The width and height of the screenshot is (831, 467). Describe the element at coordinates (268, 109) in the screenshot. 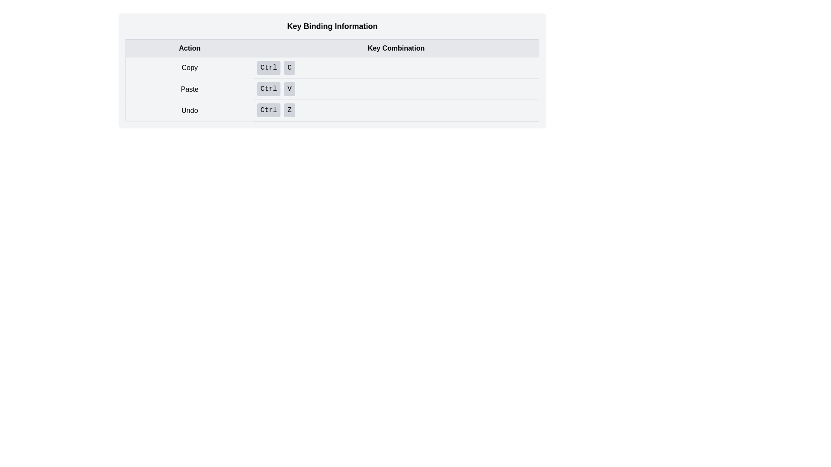

I see `the 'Ctrl' label element, which is a rounded rectangle with a light gray background and contains the text 'Ctrl', located in the third row under the 'Key Combination' column` at that location.